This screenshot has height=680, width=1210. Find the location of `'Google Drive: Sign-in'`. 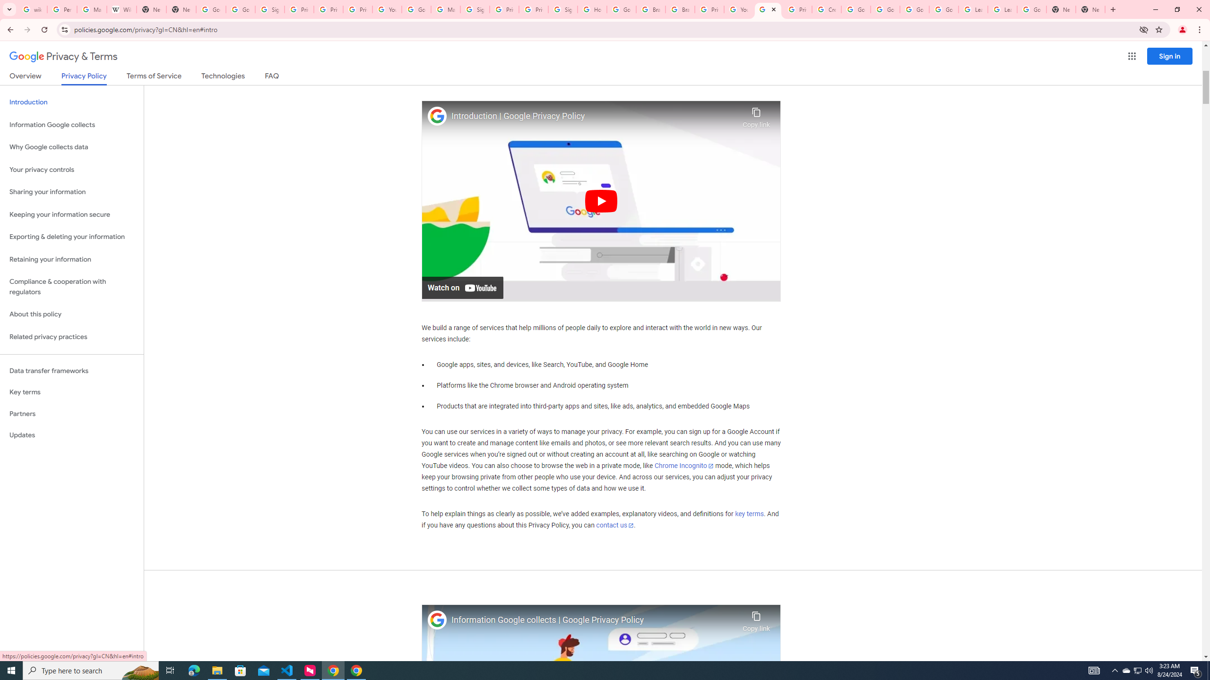

'Google Drive: Sign-in' is located at coordinates (240, 9).